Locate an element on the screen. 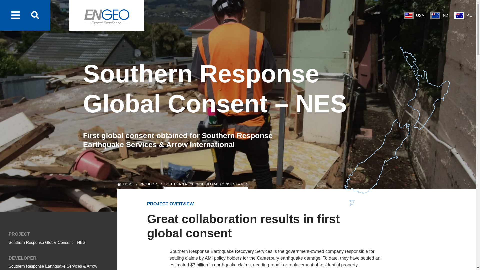  'AU' is located at coordinates (463, 15).